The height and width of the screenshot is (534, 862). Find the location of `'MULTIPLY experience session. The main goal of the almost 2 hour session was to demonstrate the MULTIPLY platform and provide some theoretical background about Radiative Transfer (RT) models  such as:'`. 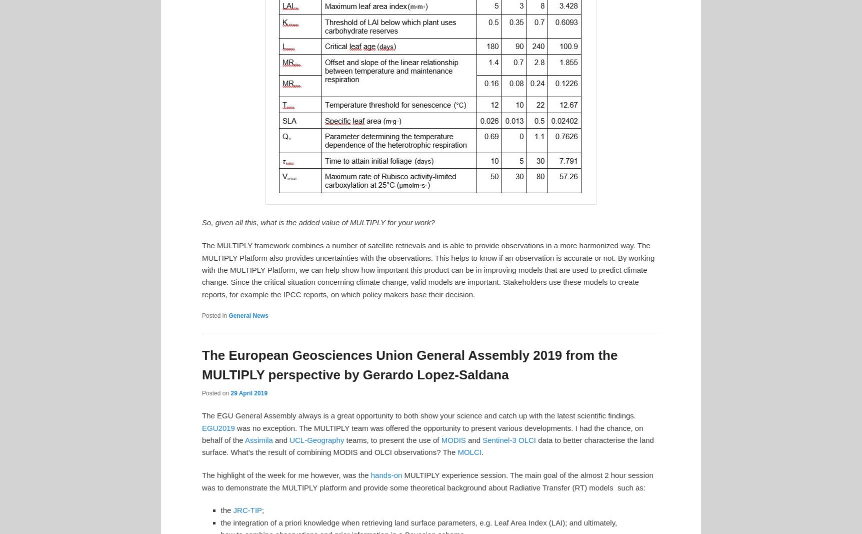

'MULTIPLY experience session. The main goal of the almost 2 hour session was to demonstrate the MULTIPLY platform and provide some theoretical background about Radiative Transfer (RT) models  such as:' is located at coordinates (426, 481).